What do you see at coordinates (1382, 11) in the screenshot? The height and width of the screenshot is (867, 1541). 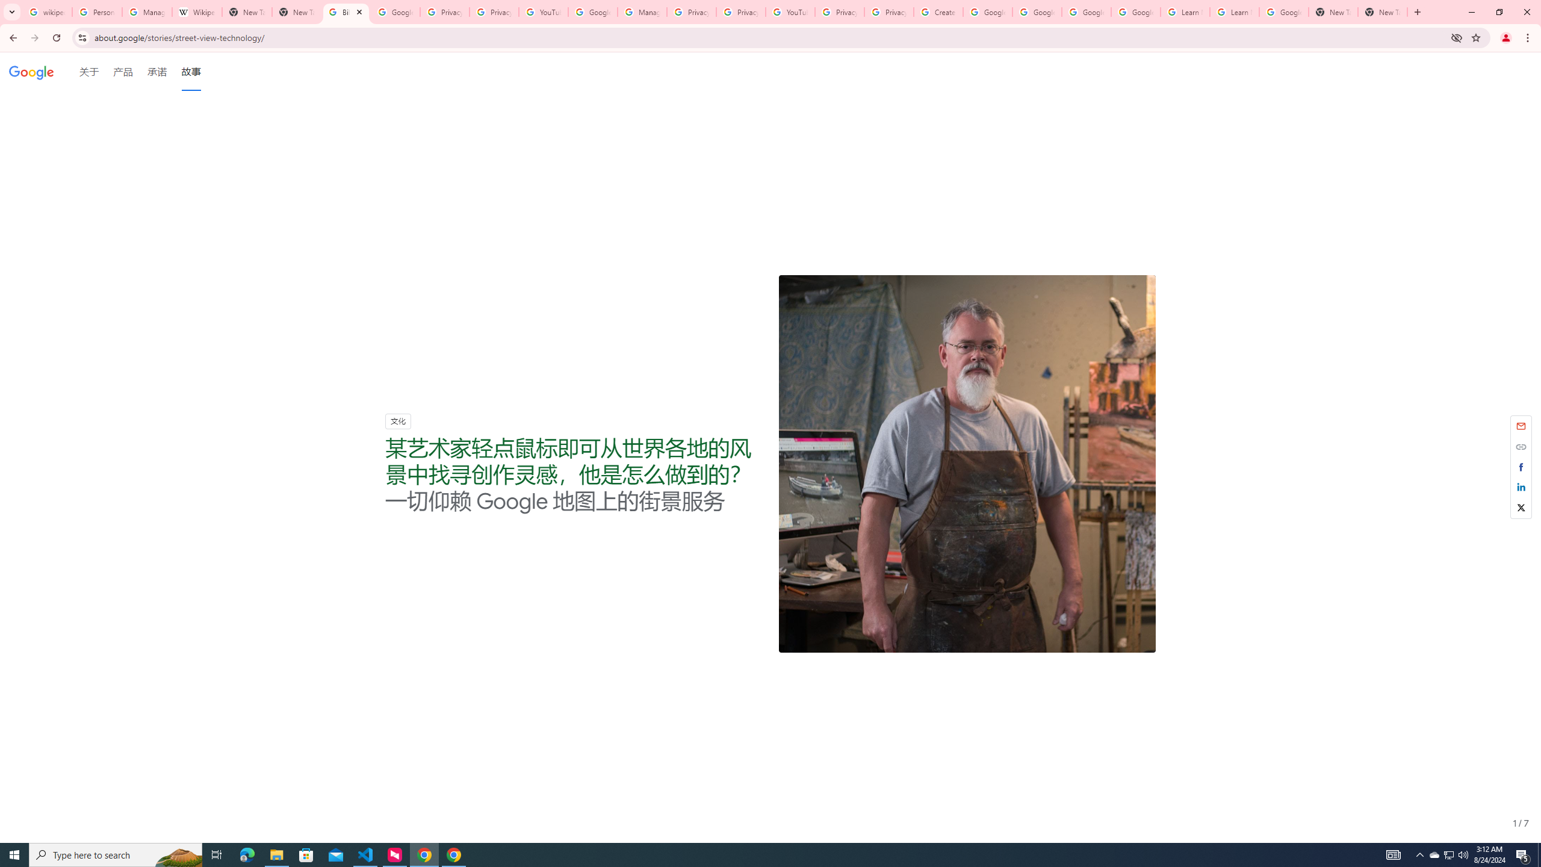 I see `'New Tab'` at bounding box center [1382, 11].